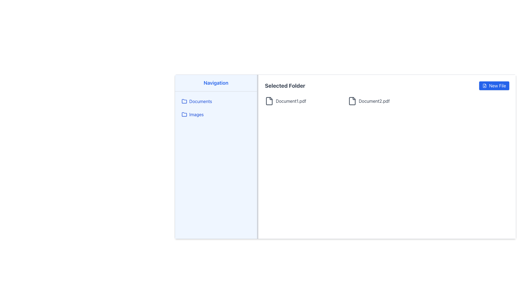  What do you see at coordinates (285, 86) in the screenshot?
I see `the Text Label that identifies the currently selected folder or context in the content display area, located in the upper-left side of the main content section` at bounding box center [285, 86].